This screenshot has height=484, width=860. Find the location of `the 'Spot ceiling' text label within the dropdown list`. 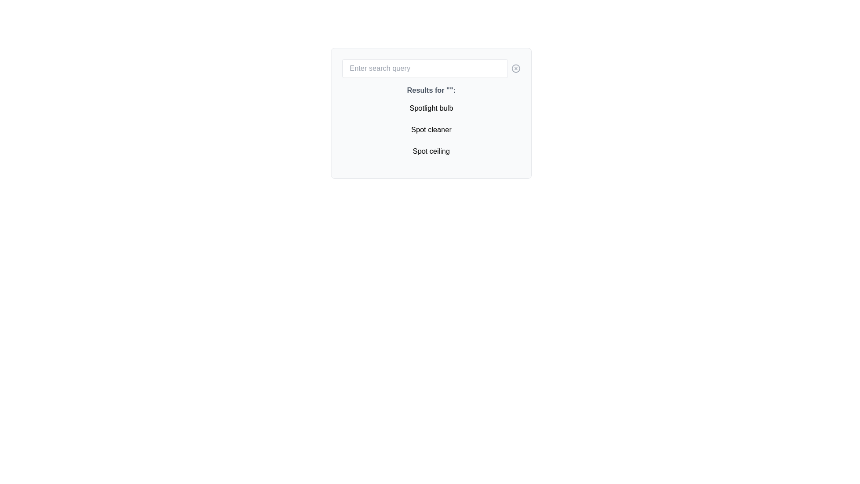

the 'Spot ceiling' text label within the dropdown list is located at coordinates (431, 151).